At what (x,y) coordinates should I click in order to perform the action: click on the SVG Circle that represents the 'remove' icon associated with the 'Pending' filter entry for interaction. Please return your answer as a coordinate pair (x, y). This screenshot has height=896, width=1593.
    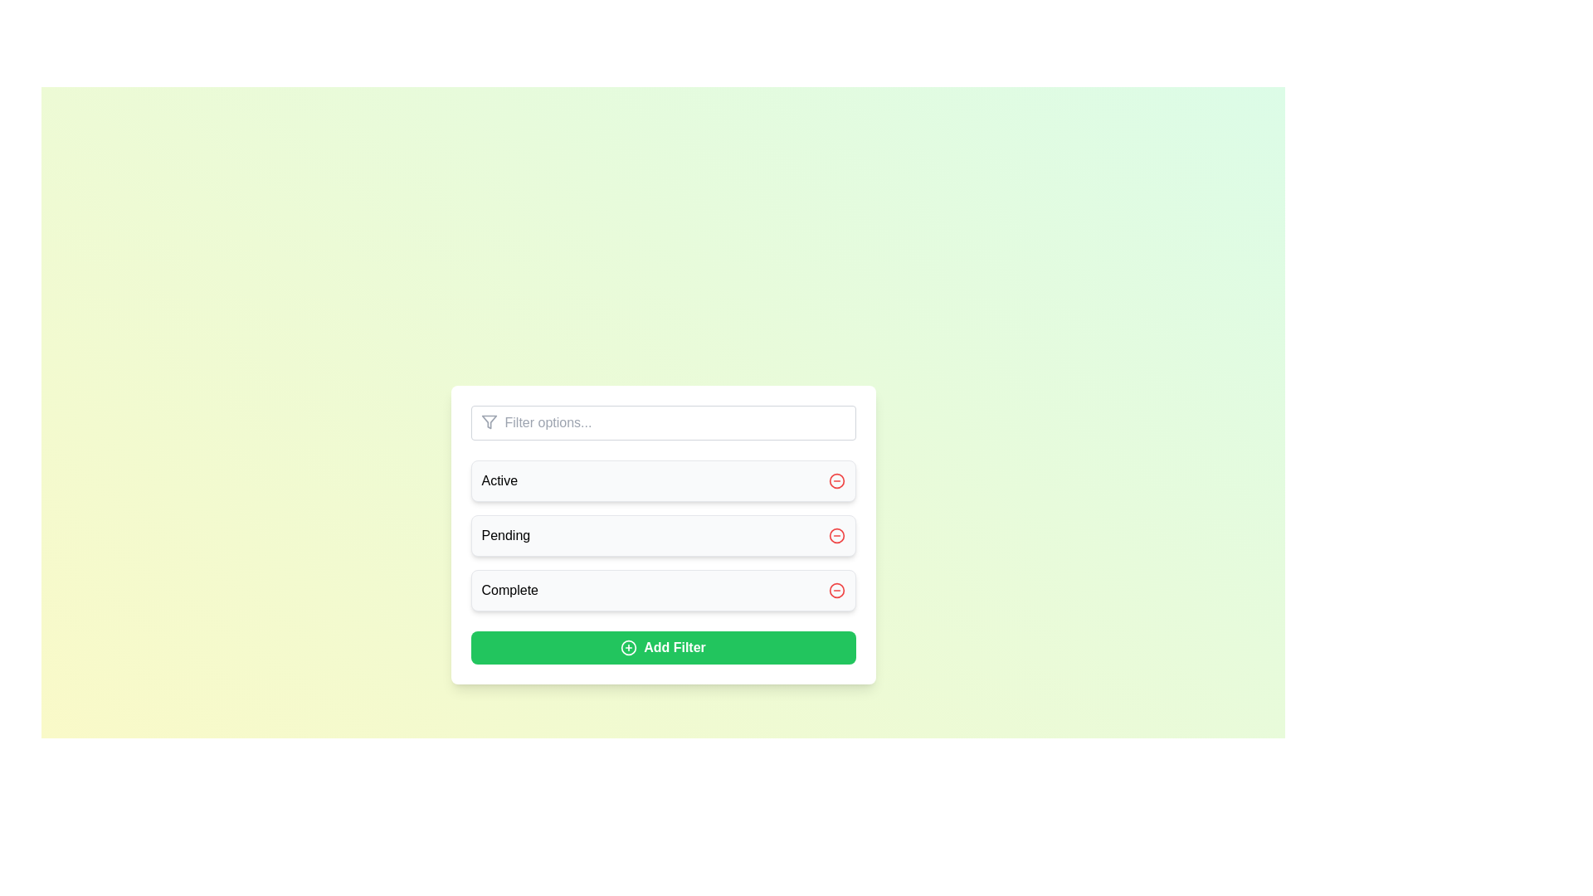
    Looking at the image, I should click on (836, 535).